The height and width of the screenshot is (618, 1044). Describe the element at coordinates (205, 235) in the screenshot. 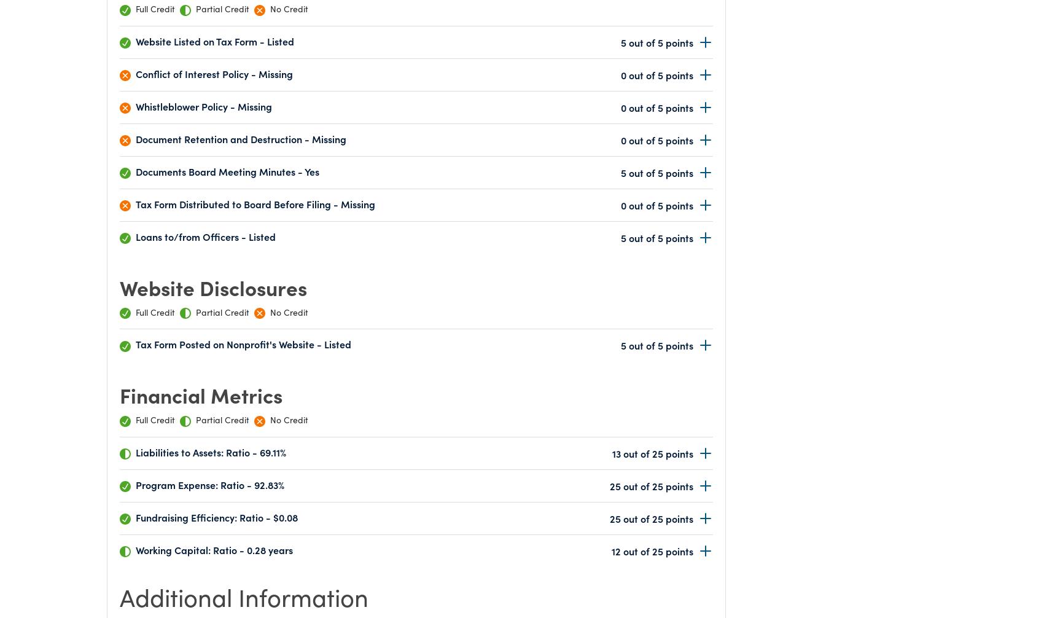

I see `'Loans to/from Officers - Listed'` at that location.